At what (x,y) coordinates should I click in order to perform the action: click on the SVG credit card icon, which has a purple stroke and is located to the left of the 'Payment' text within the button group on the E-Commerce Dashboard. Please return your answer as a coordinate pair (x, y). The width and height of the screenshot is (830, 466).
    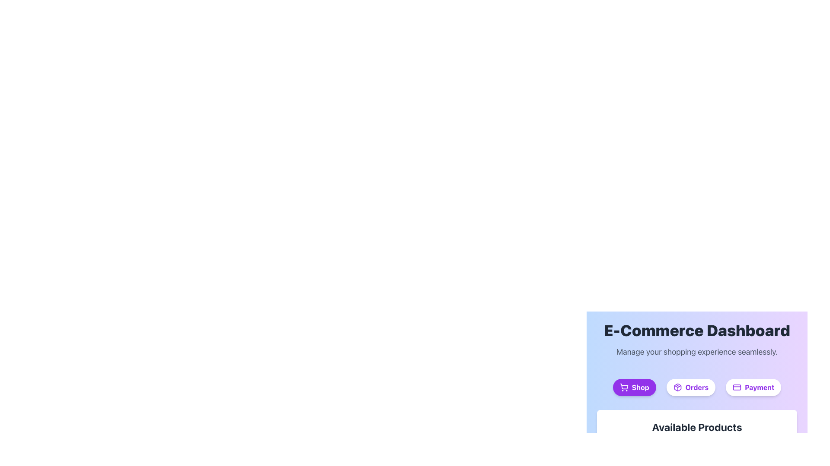
    Looking at the image, I should click on (736, 387).